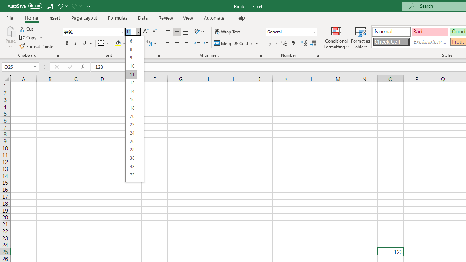 The width and height of the screenshot is (466, 262). I want to click on 'Underline', so click(87, 43).